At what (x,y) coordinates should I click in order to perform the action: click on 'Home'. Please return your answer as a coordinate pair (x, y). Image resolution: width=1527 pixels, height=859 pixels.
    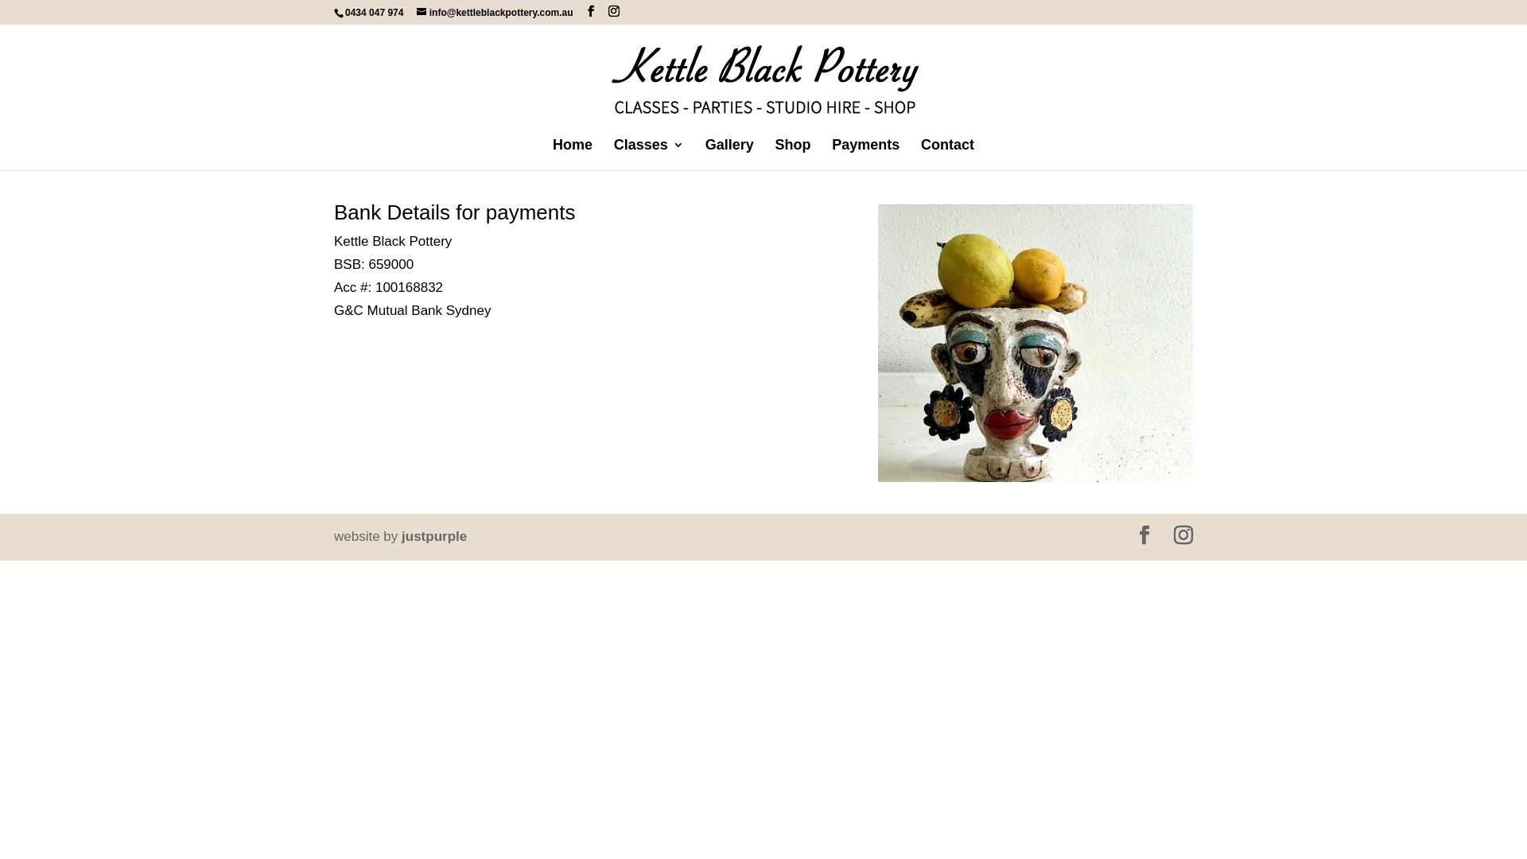
    Looking at the image, I should click on (573, 154).